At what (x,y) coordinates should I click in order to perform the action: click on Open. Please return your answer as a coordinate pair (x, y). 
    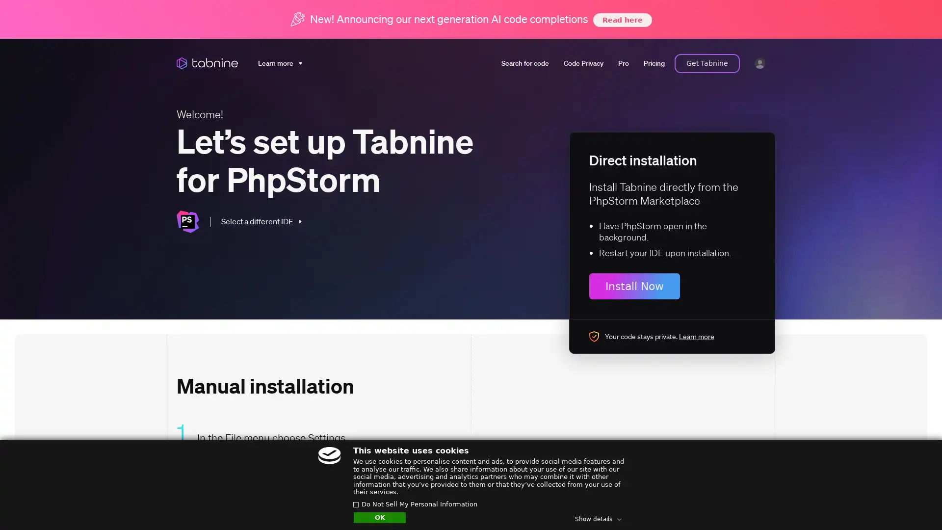
    Looking at the image, I should click on (913, 503).